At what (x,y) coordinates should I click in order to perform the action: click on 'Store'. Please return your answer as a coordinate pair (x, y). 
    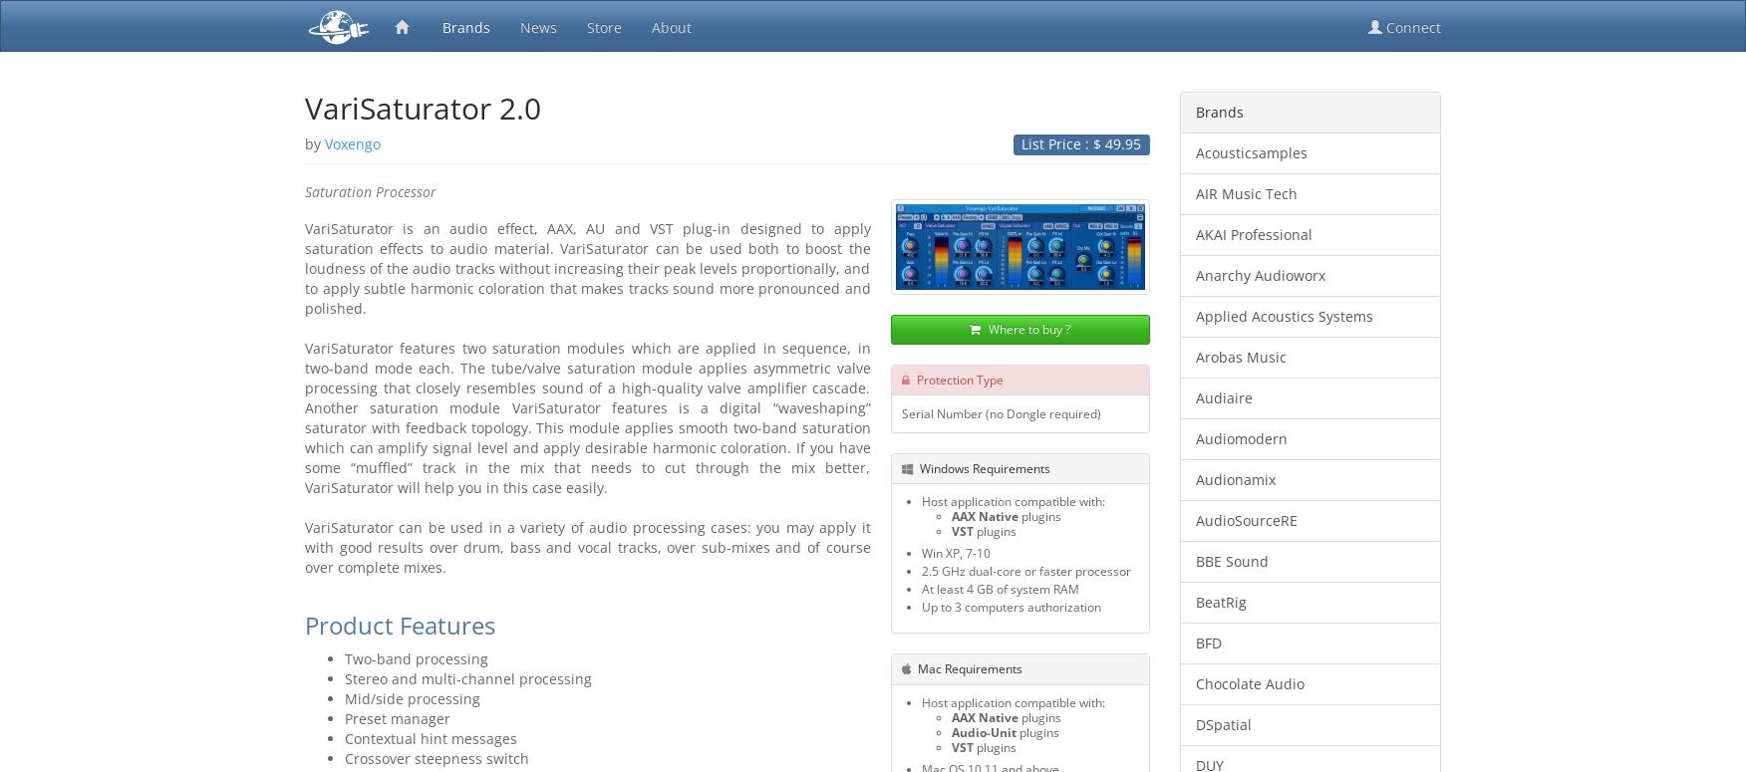
    Looking at the image, I should click on (604, 27).